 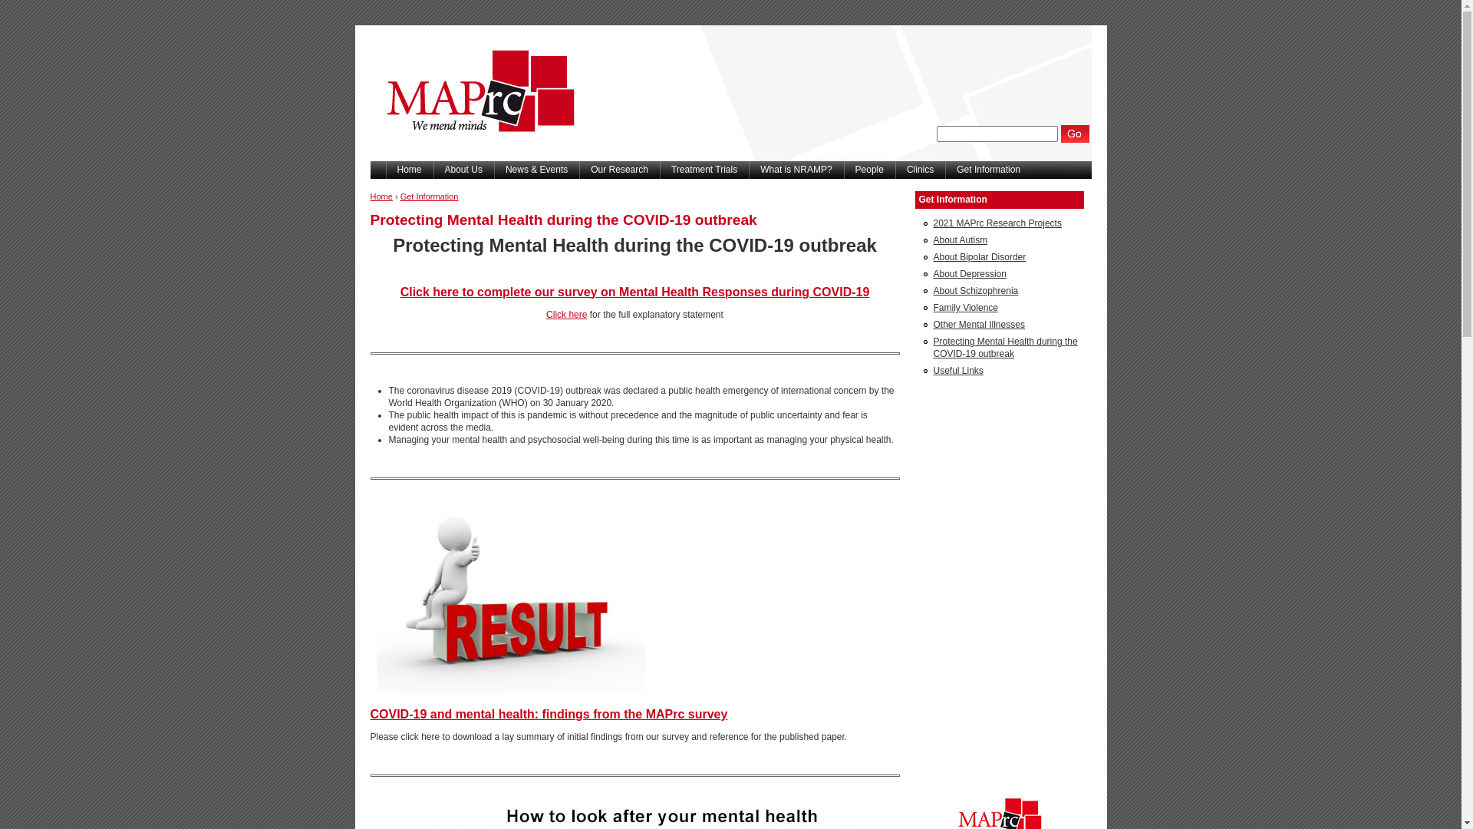 I want to click on 'About Us', so click(x=463, y=170).